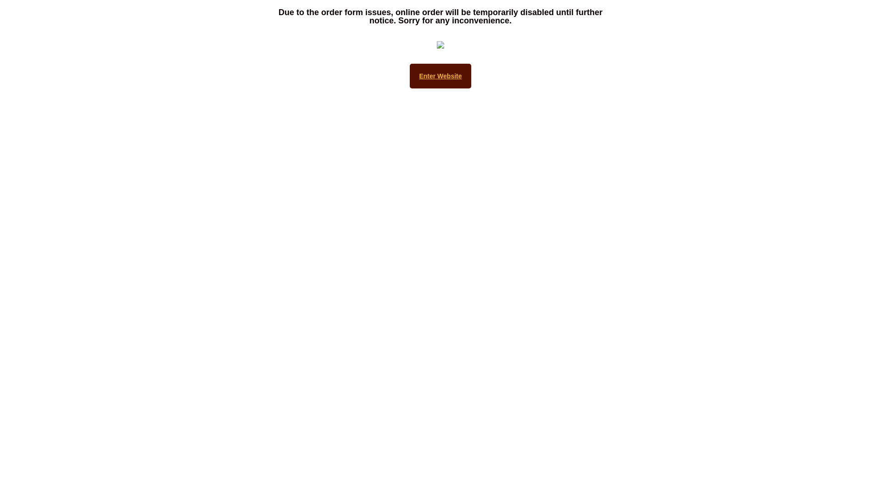  I want to click on 'Enter Website', so click(440, 75).